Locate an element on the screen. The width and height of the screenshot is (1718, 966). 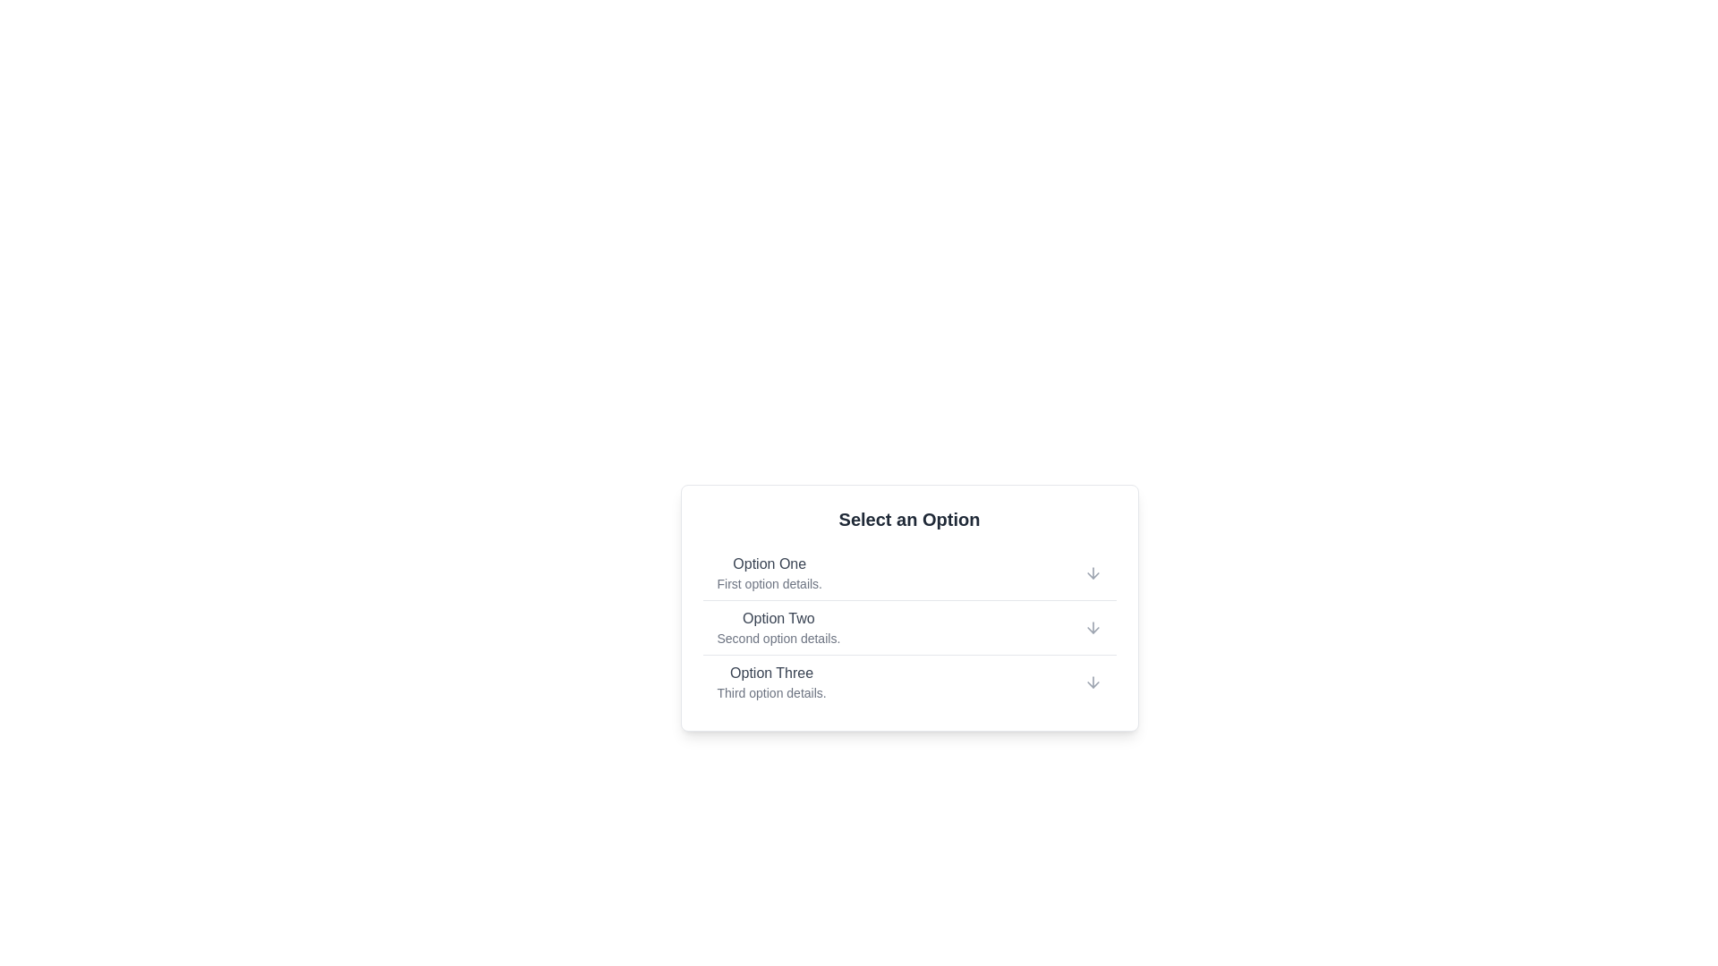
the static text element displaying 'Option Two', which is located in the second option block above the text 'Second option details' is located at coordinates (778, 617).